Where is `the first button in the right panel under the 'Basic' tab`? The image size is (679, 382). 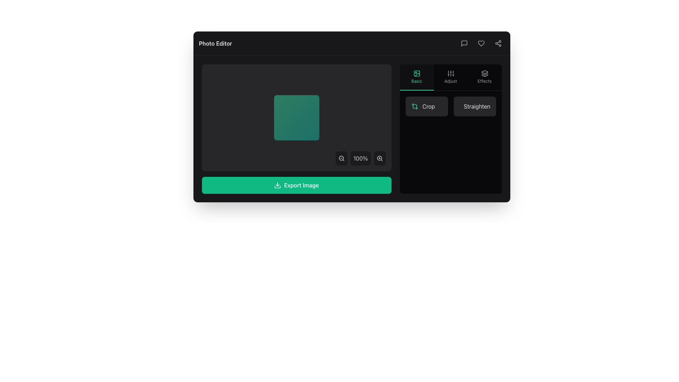 the first button in the right panel under the 'Basic' tab is located at coordinates (426, 106).